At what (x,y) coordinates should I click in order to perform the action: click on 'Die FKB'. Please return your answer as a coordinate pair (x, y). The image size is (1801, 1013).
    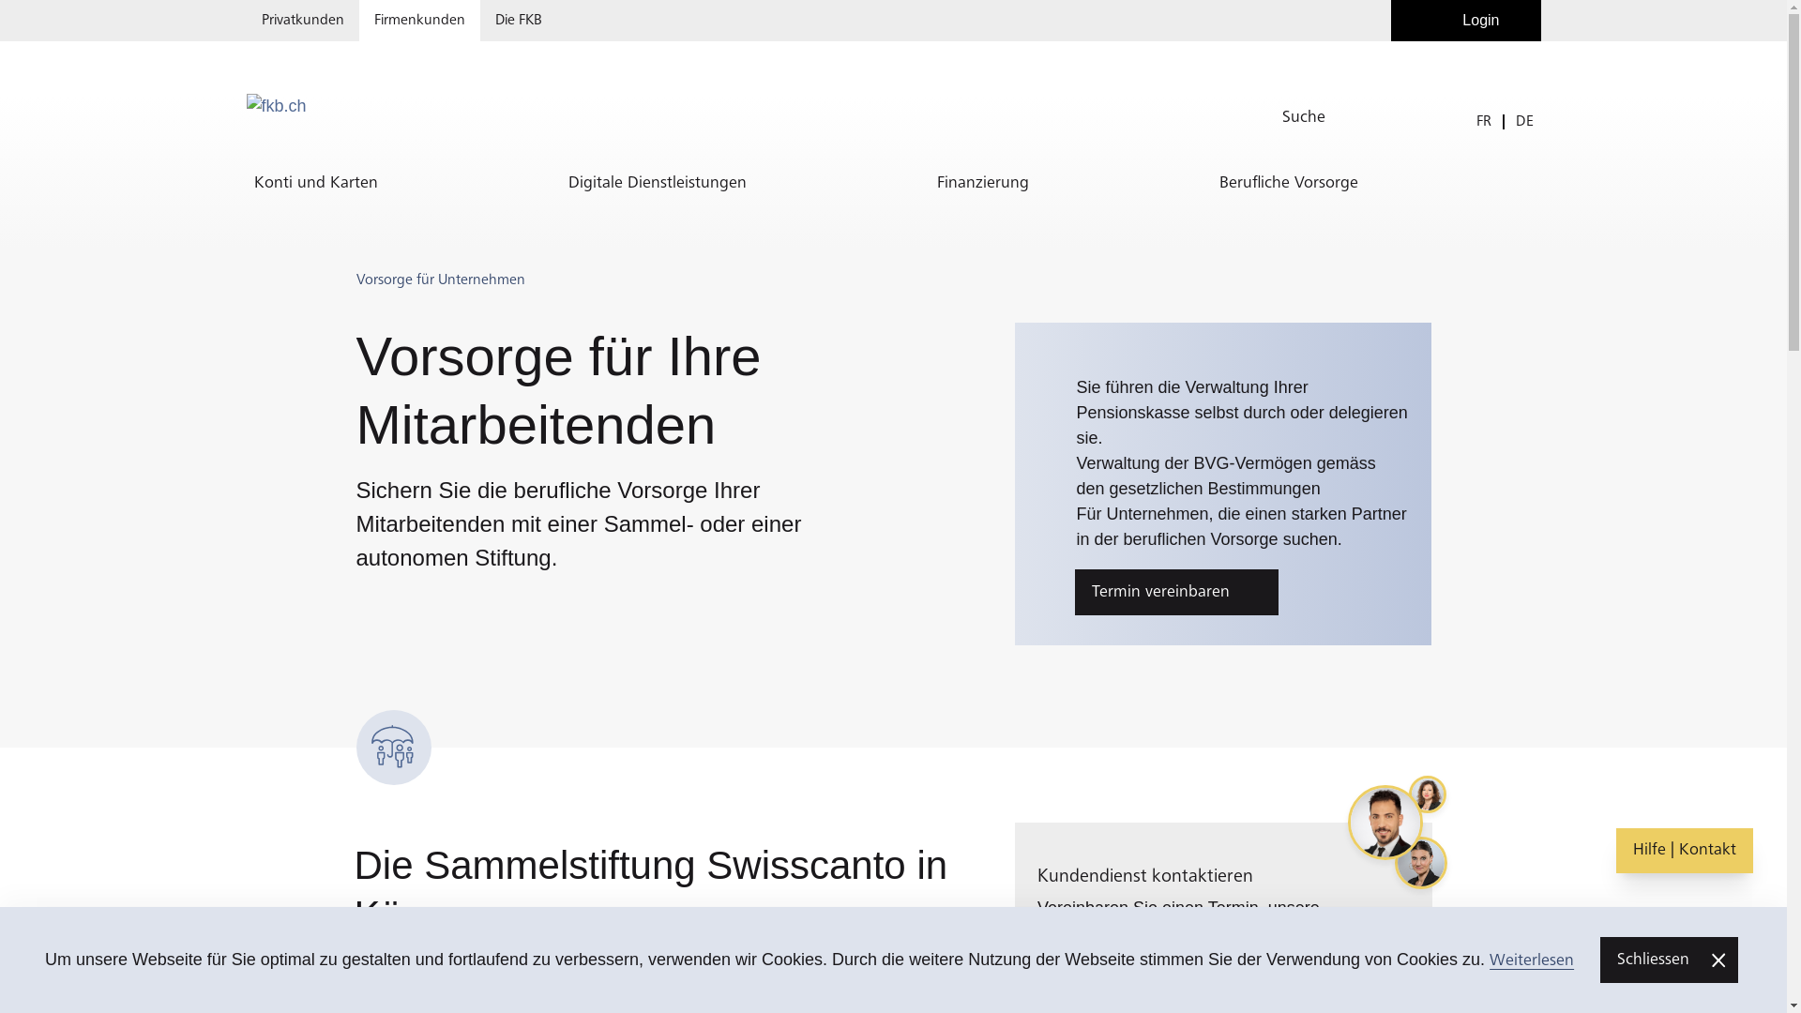
    Looking at the image, I should click on (518, 21).